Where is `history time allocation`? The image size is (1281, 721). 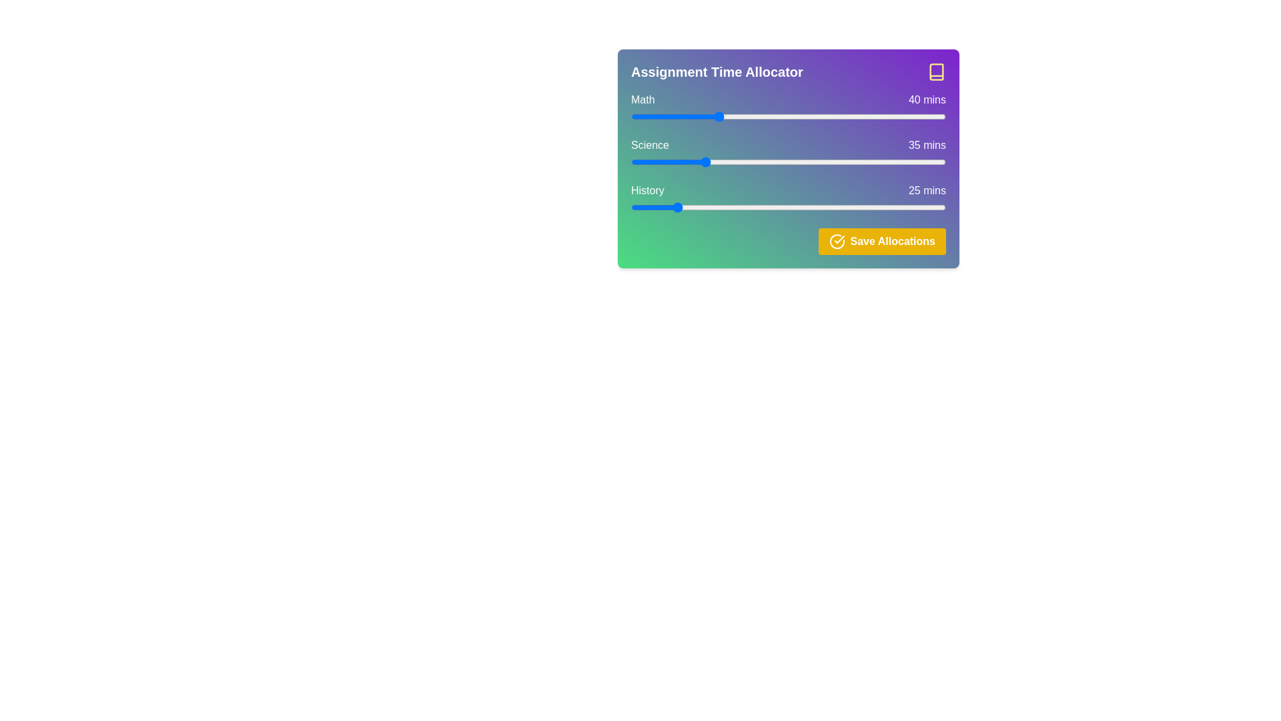
history time allocation is located at coordinates (885, 208).